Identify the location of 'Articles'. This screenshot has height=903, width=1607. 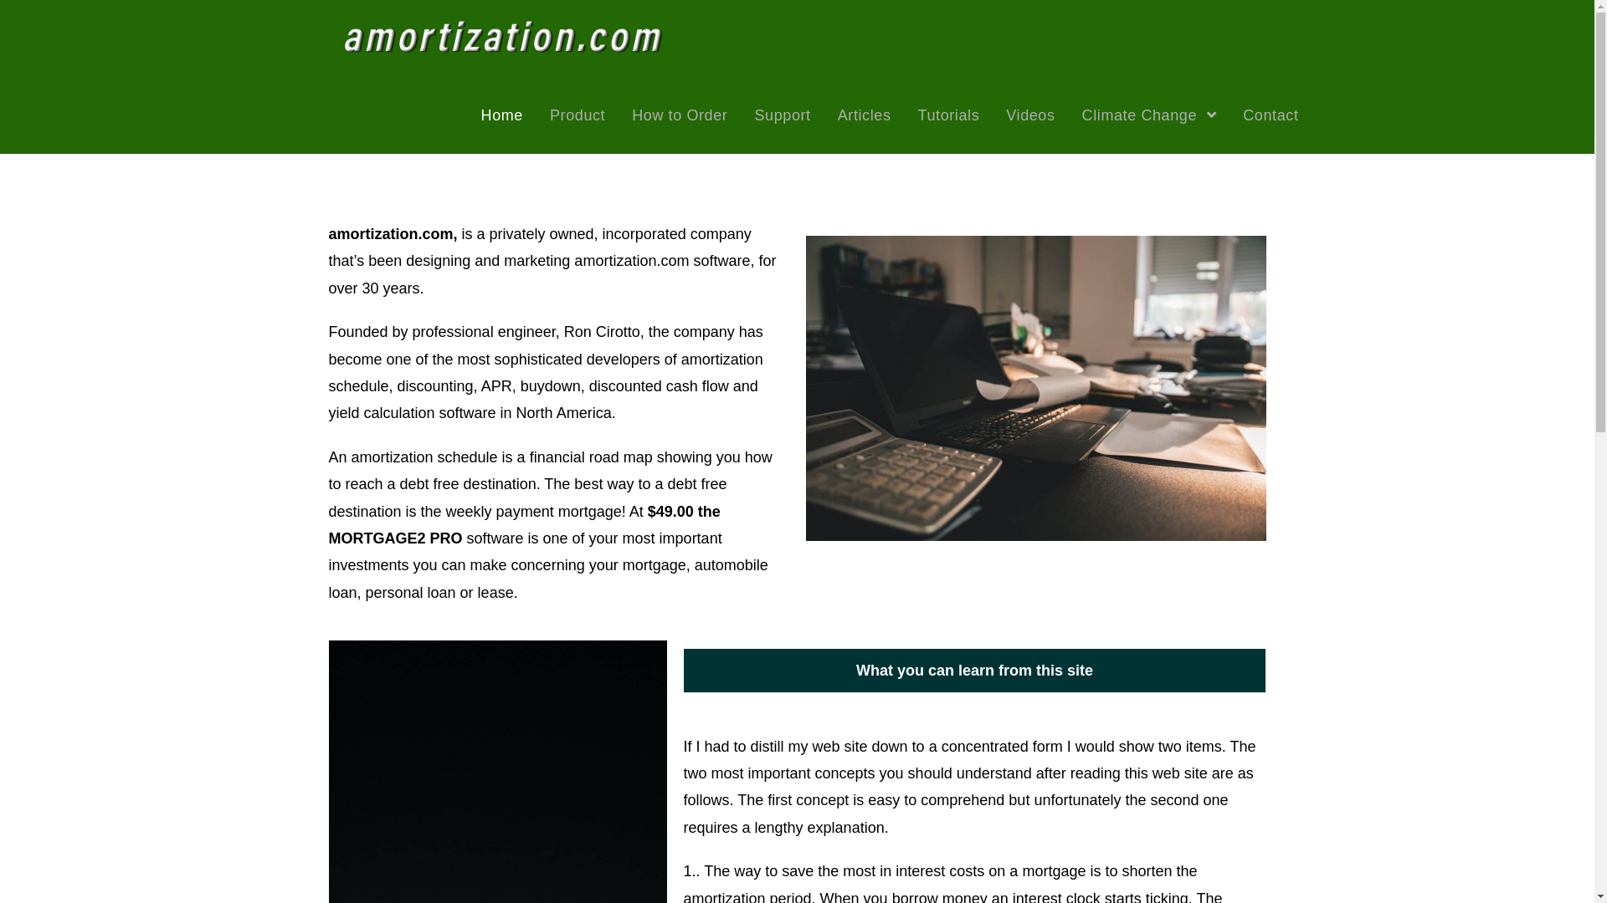
(864, 115).